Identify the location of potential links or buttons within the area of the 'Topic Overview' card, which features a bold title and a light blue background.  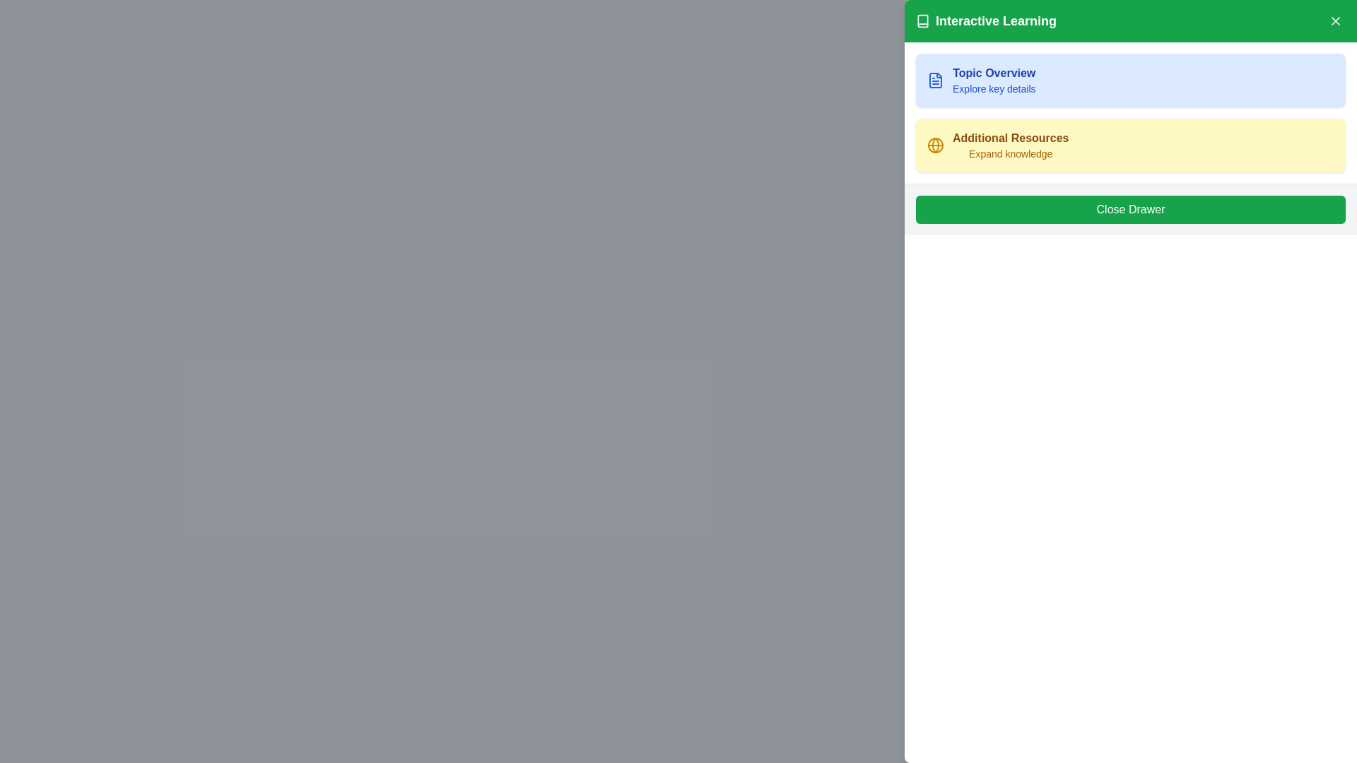
(993, 81).